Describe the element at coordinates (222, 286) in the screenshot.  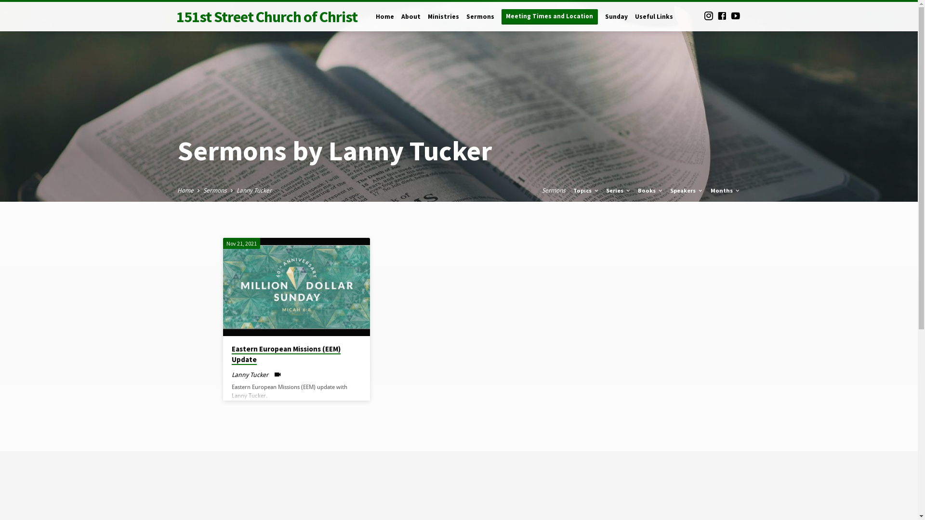
I see `'Eastern European Missions (EEM) Update'` at that location.